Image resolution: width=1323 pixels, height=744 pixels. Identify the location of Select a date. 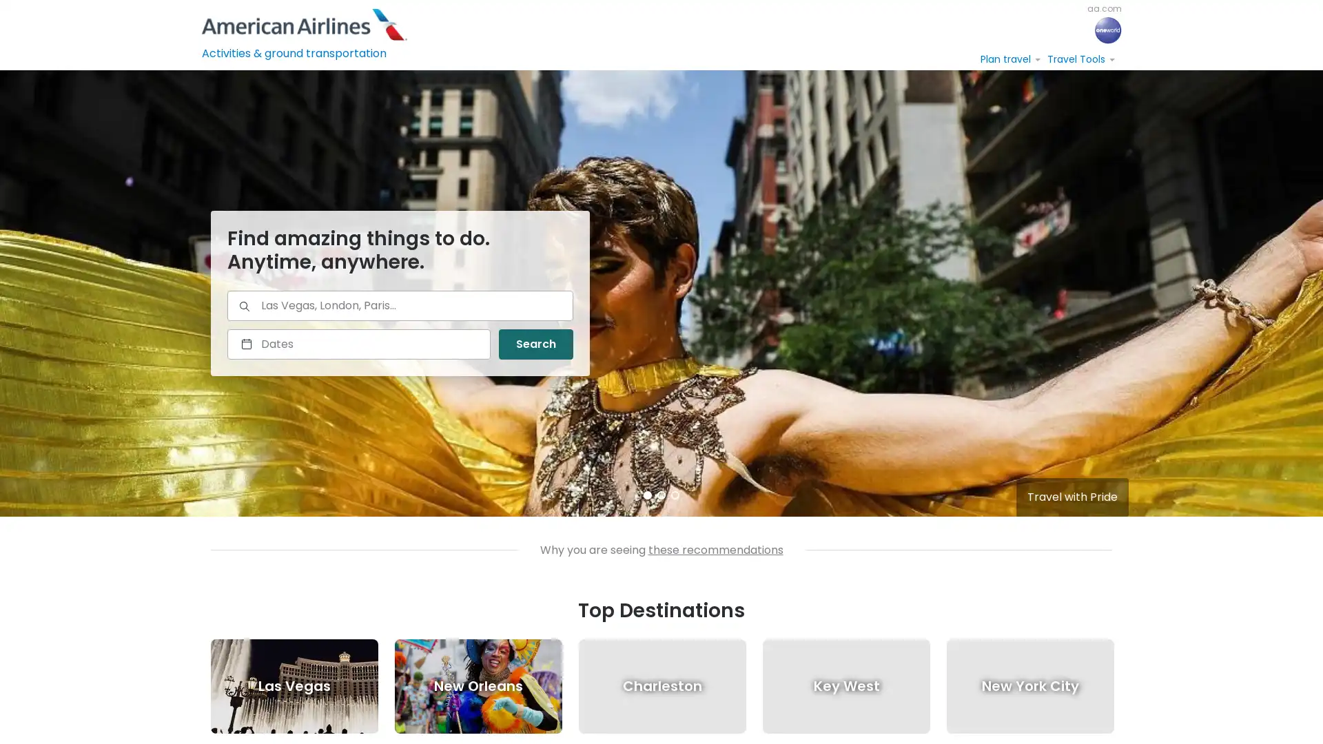
(359, 146).